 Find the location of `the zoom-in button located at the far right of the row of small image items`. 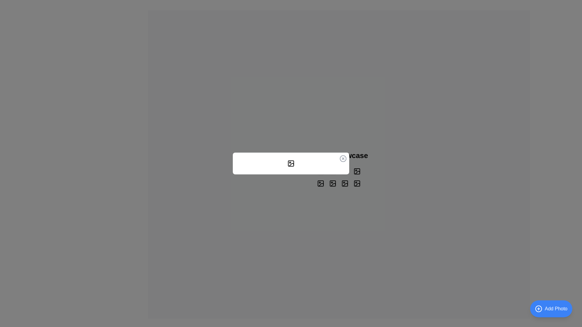

the zoom-in button located at the far right of the row of small image items is located at coordinates (357, 171).